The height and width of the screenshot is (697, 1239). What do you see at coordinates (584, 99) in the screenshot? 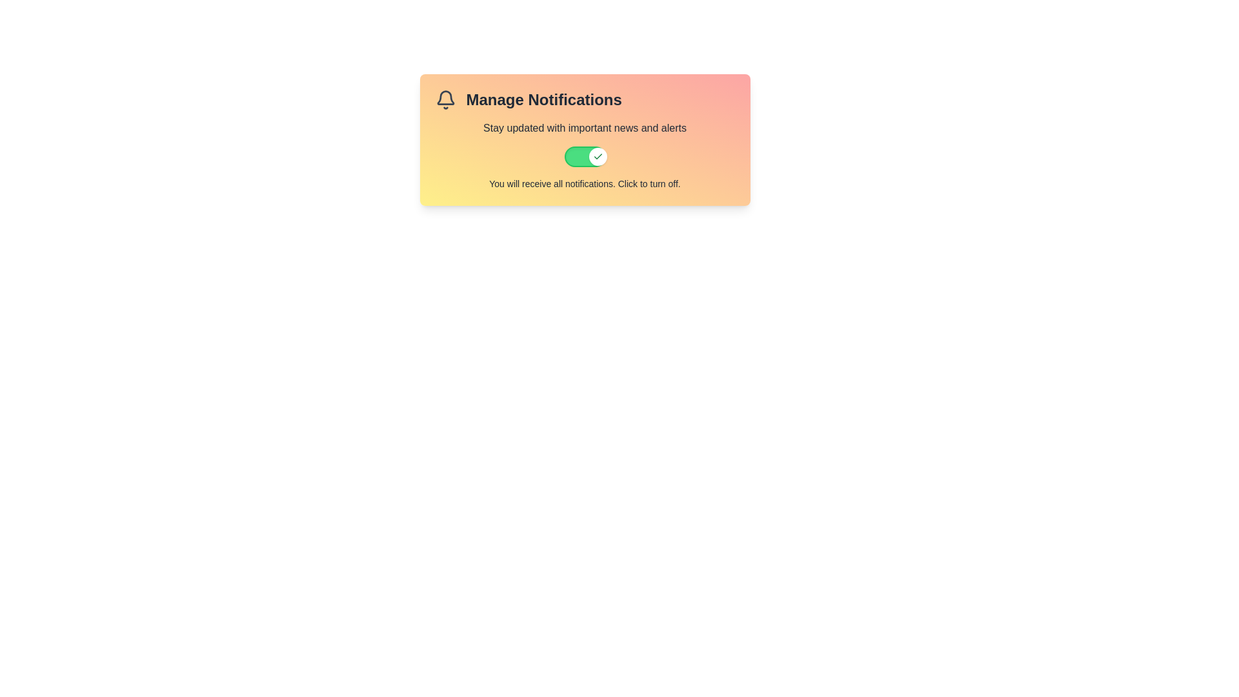
I see `title text of the notification settings section, which is located at the top-left of the settings card, next to a bell icon` at bounding box center [584, 99].